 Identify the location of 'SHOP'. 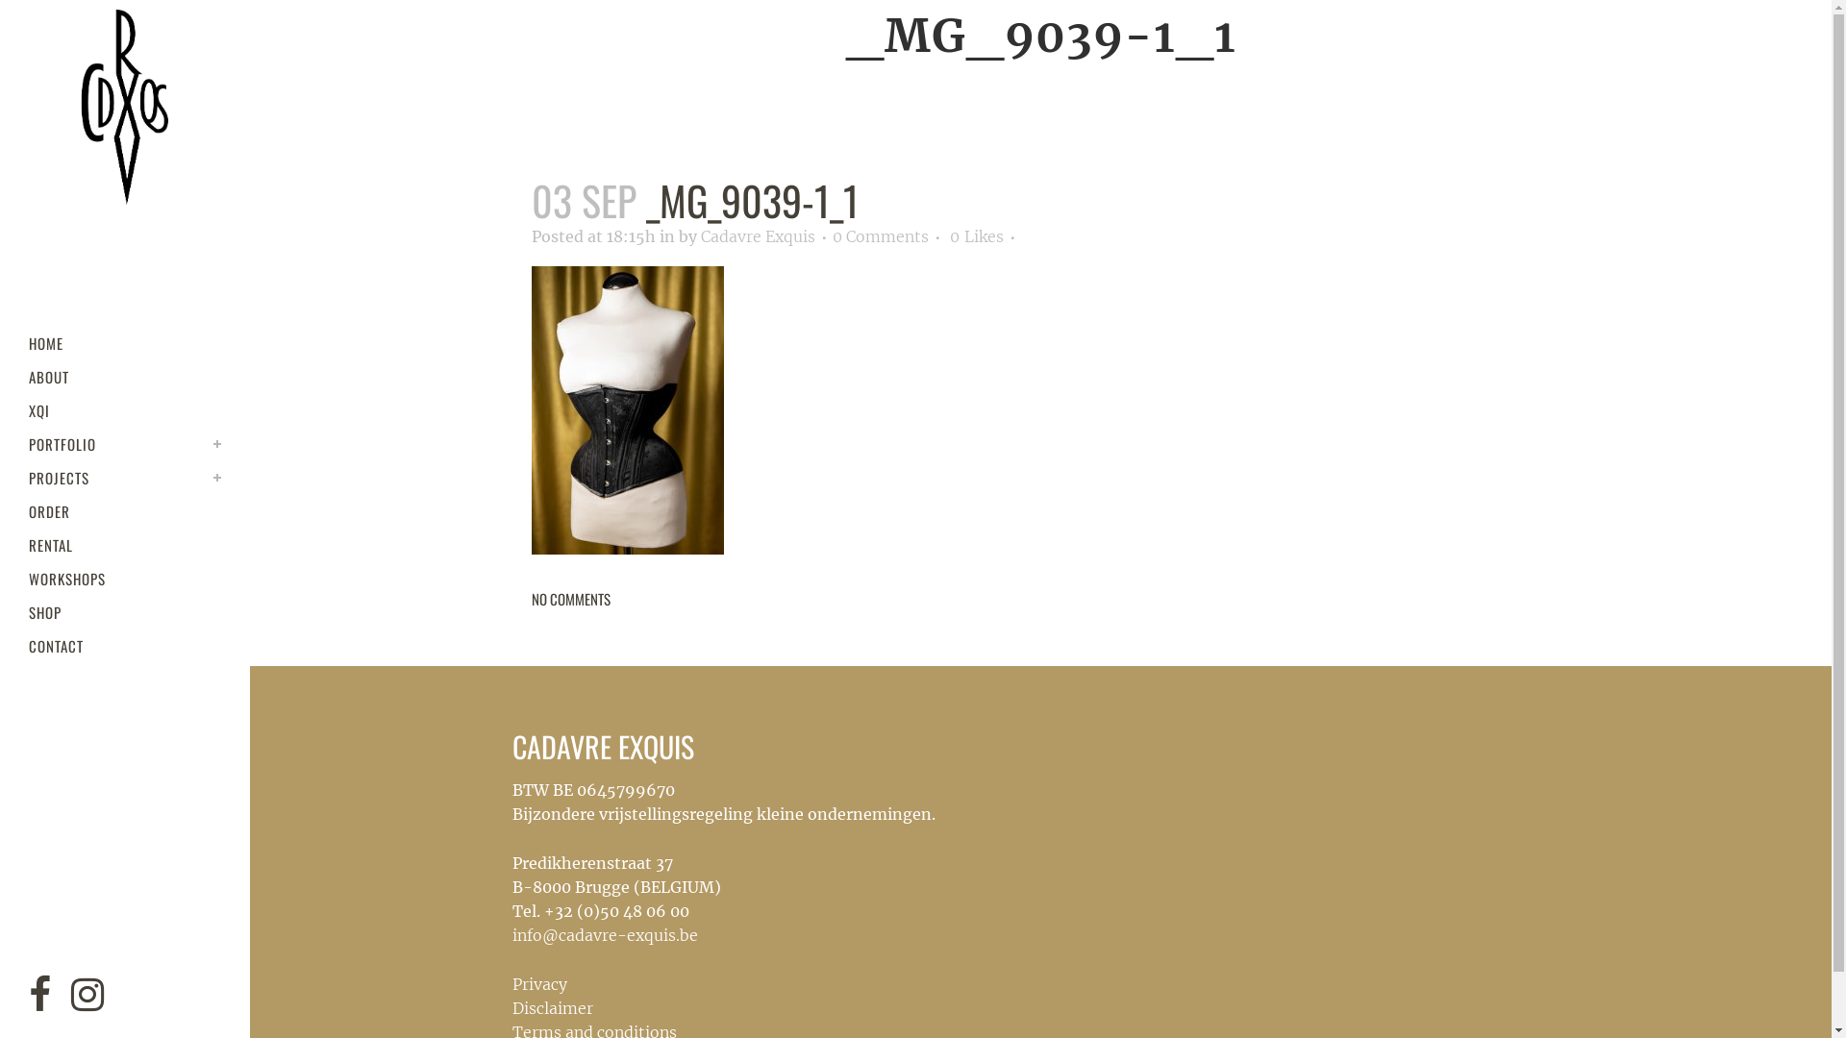
(123, 612).